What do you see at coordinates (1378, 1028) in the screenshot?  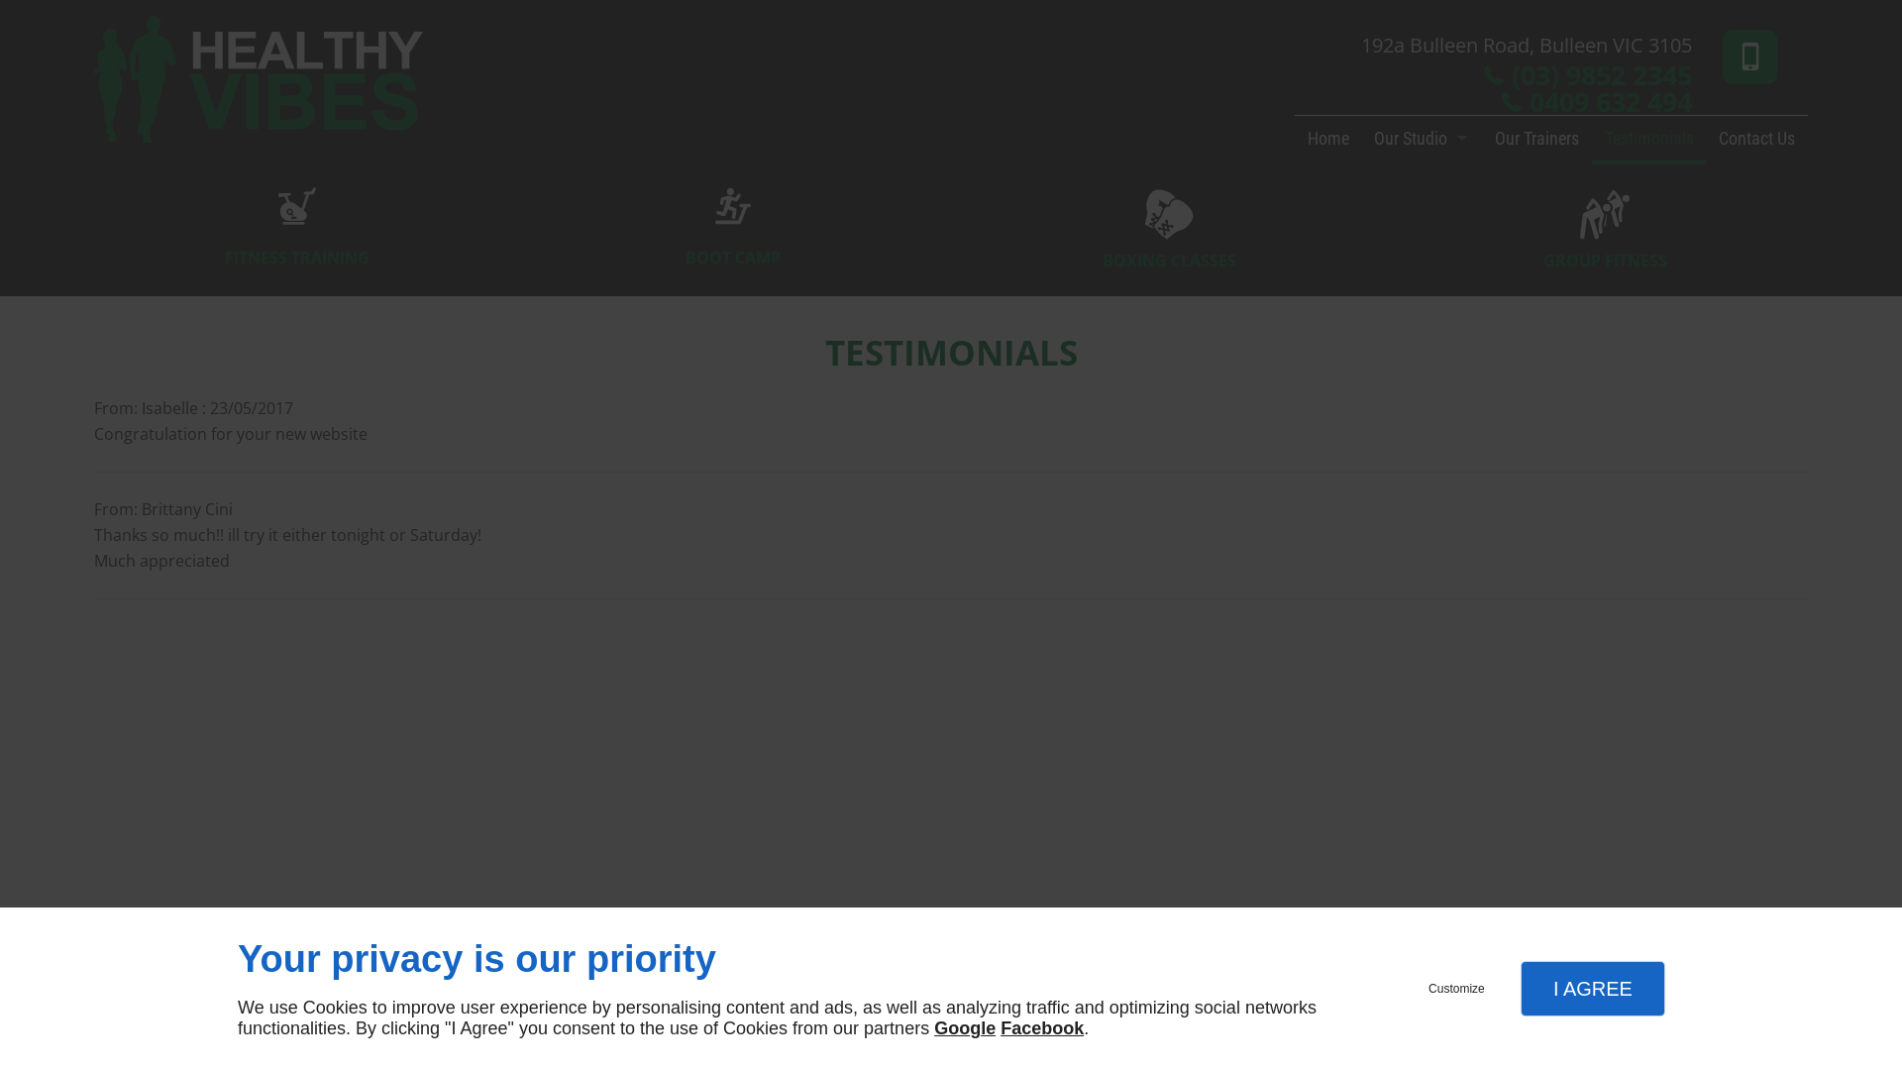 I see `'HOME'` at bounding box center [1378, 1028].